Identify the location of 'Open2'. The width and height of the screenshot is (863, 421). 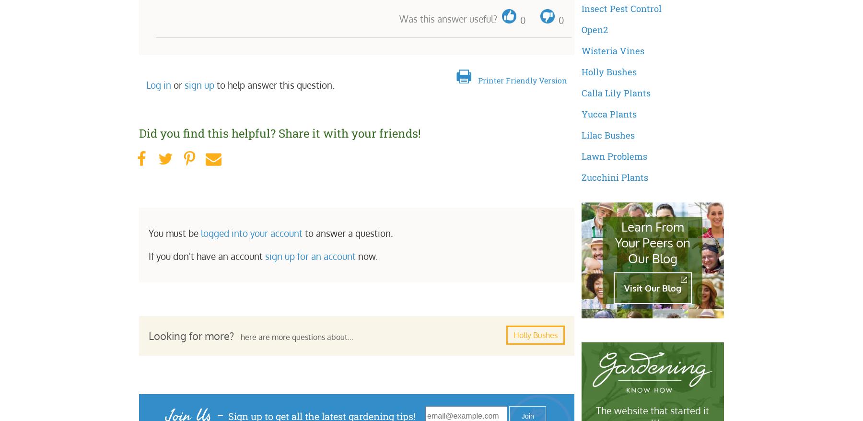
(594, 29).